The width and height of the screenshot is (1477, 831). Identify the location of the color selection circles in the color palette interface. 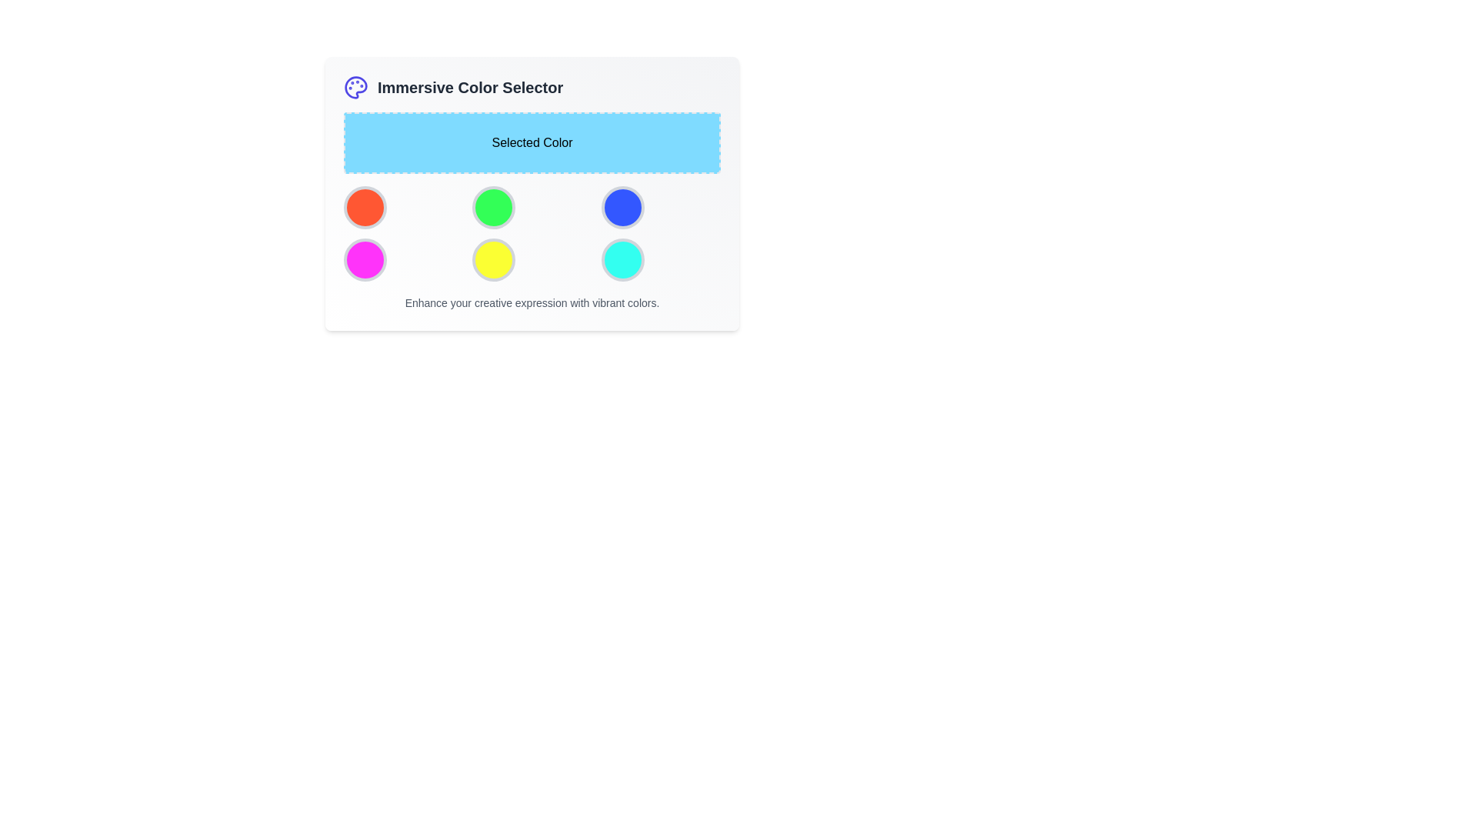
(532, 192).